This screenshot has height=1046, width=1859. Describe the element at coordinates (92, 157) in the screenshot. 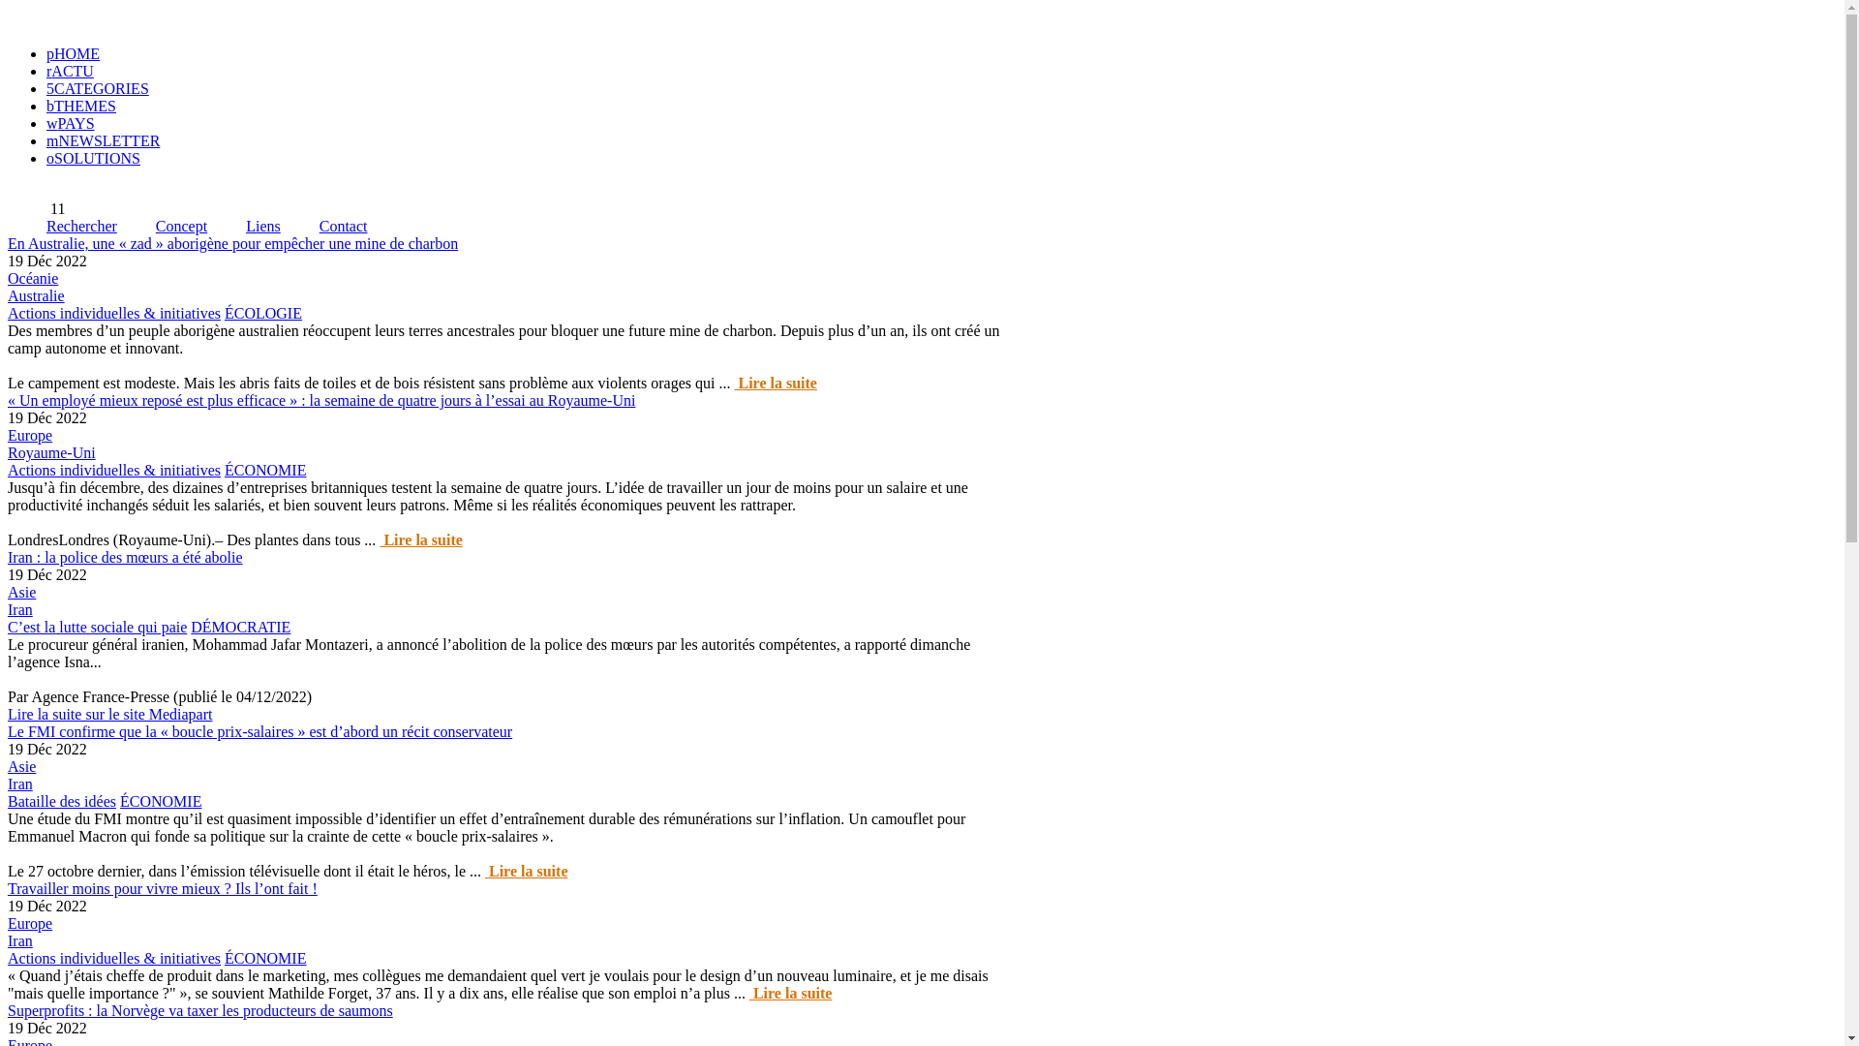

I see `'oSOLUTIONS'` at that location.